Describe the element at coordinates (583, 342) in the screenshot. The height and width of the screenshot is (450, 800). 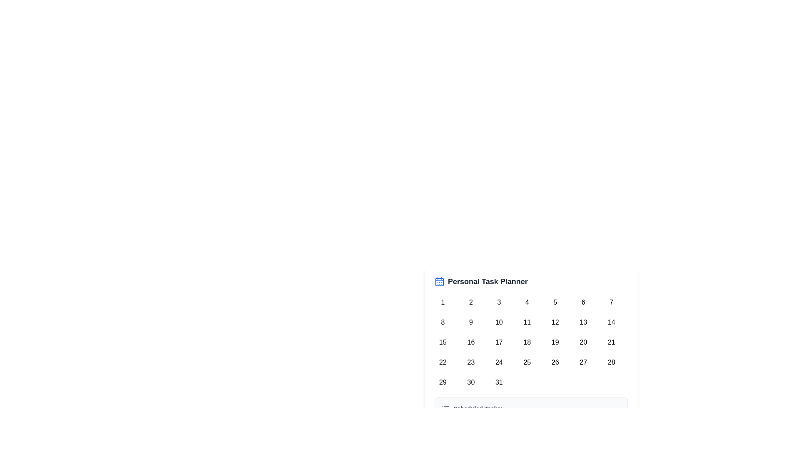
I see `the button displaying the number '20' in black, which is a rounded rectangle with a white background` at that location.